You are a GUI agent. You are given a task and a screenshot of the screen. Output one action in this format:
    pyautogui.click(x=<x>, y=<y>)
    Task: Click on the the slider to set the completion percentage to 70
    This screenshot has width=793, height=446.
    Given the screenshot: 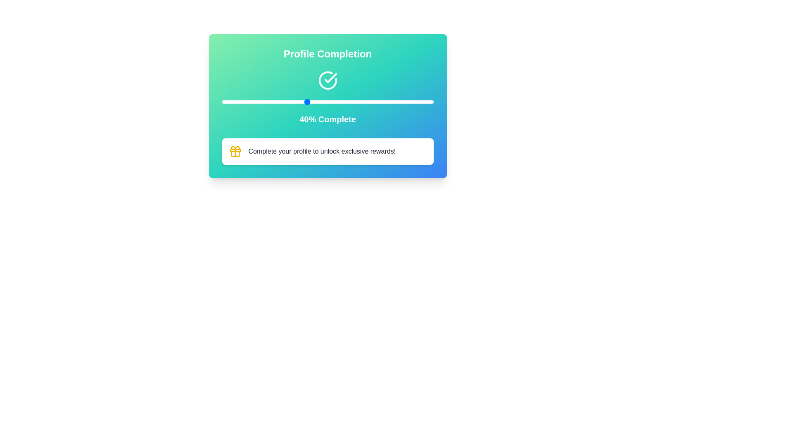 What is the action you would take?
    pyautogui.click(x=369, y=101)
    